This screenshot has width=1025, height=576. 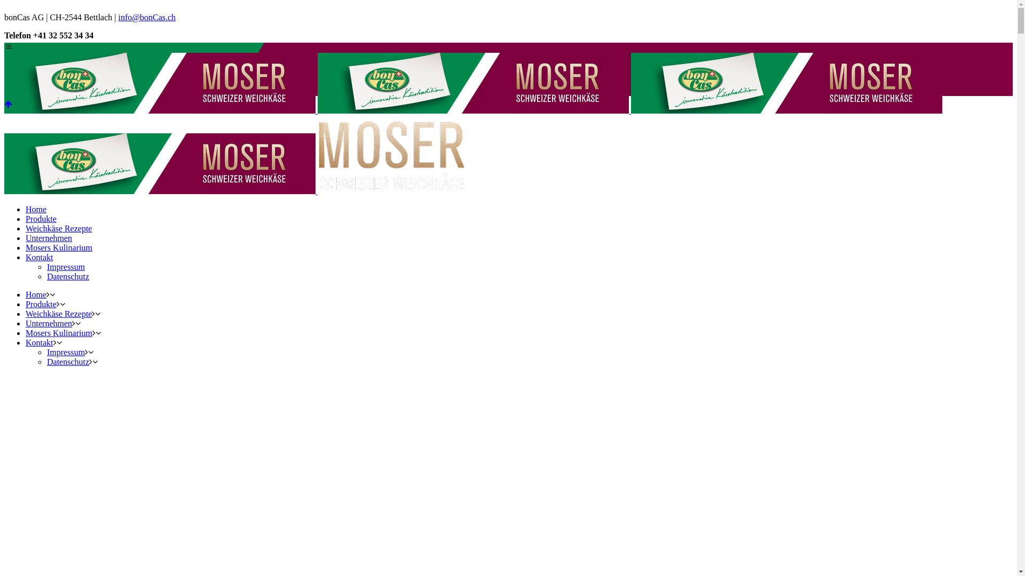 I want to click on 'Datenschutz', so click(x=67, y=361).